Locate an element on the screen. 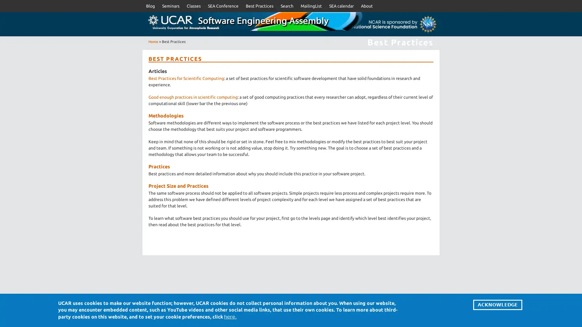 The height and width of the screenshot is (327, 582). ACKNOWLEDGE is located at coordinates (497, 305).